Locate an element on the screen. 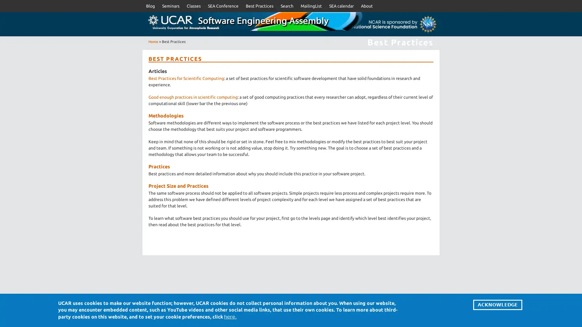 The height and width of the screenshot is (327, 582). ACKNOWLEDGE is located at coordinates (497, 305).